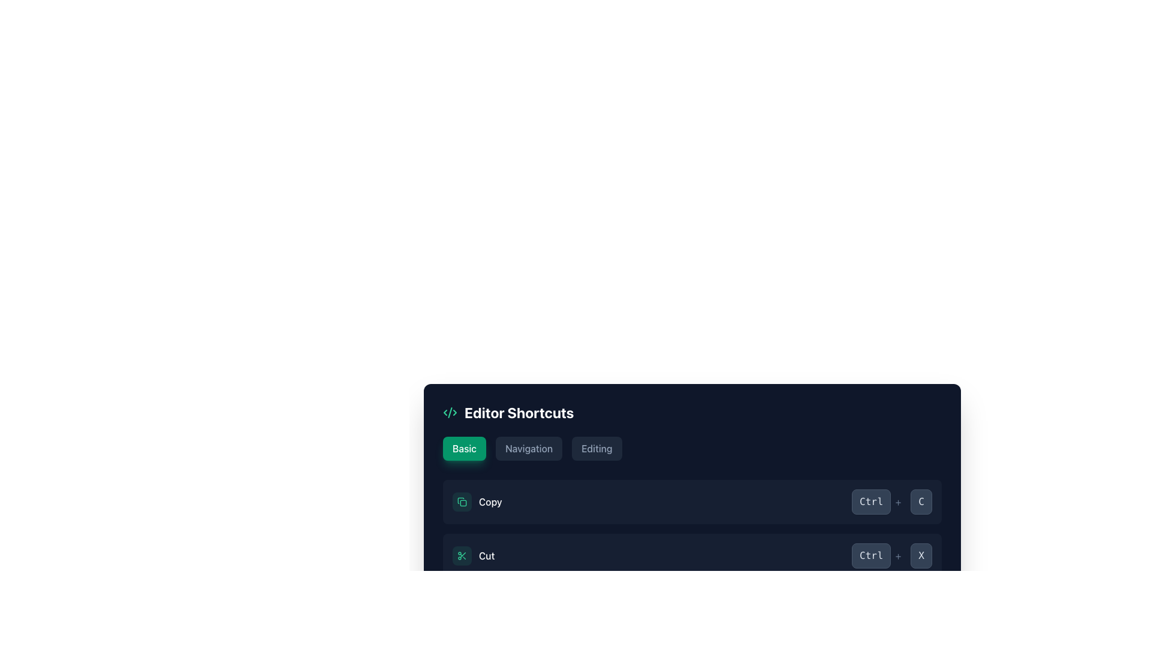 The width and height of the screenshot is (1151, 647). Describe the element at coordinates (462, 501) in the screenshot. I see `the 'Copy' Icon button located in the 'Editor Shortcuts' section` at that location.